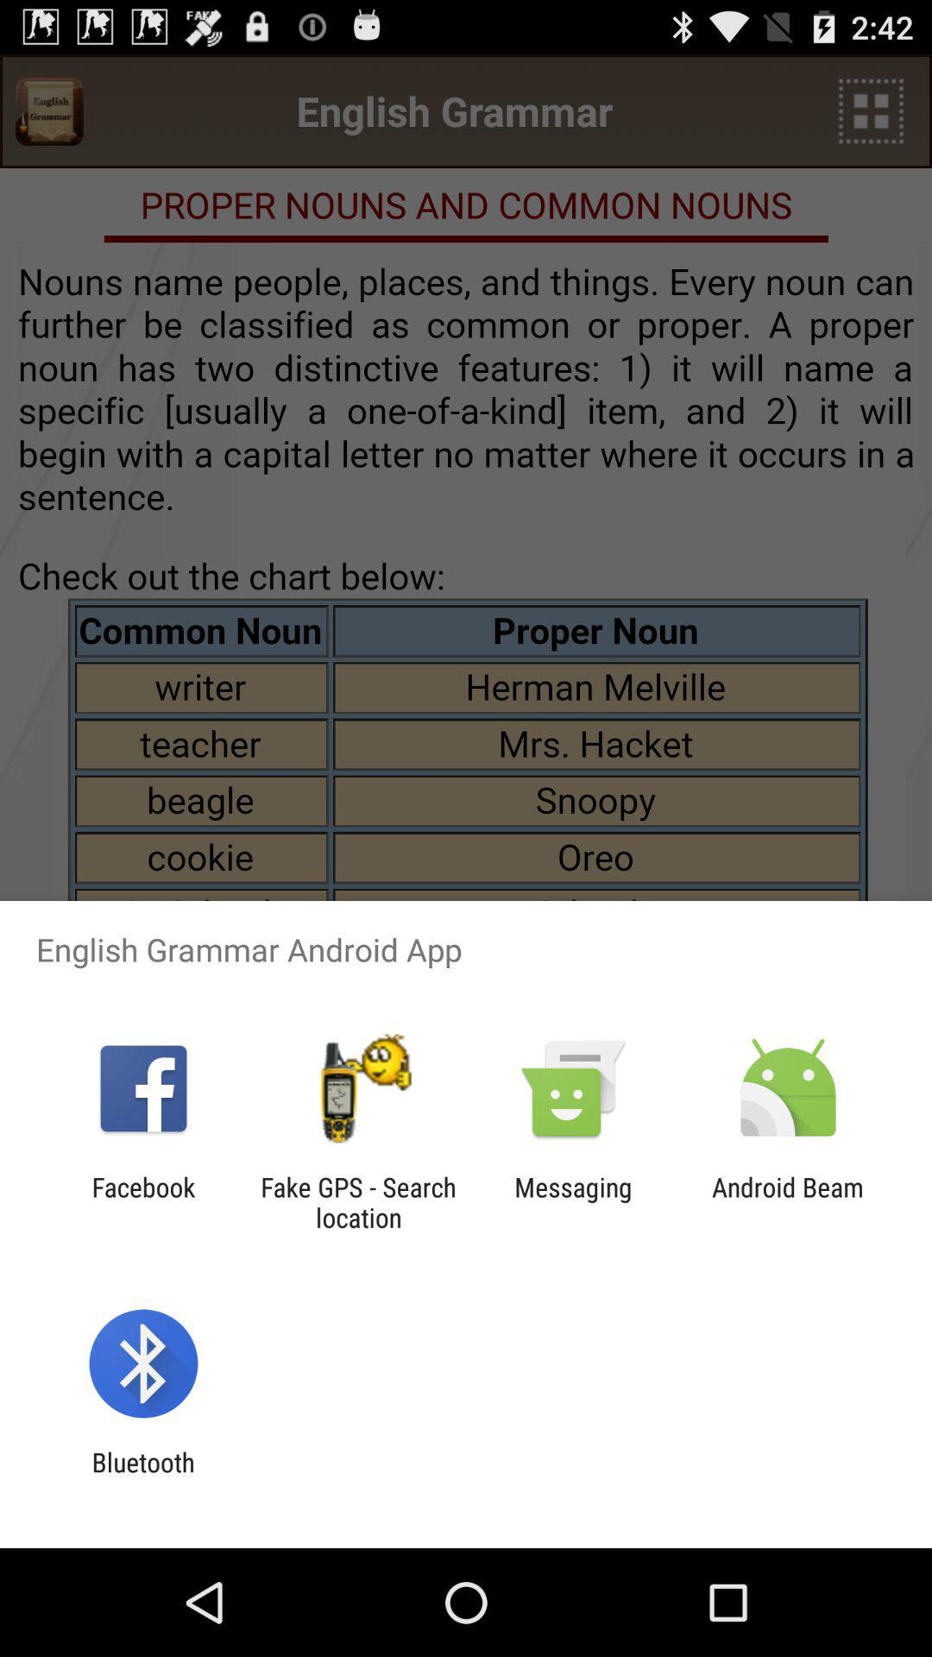  I want to click on the icon next to the messaging item, so click(357, 1201).